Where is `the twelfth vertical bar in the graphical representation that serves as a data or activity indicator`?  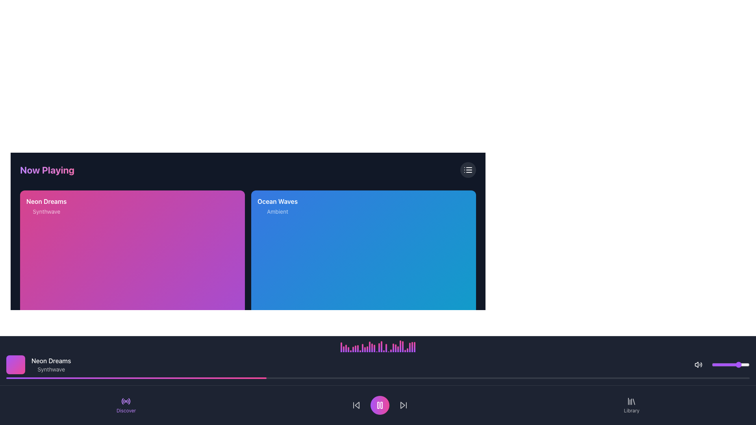
the twelfth vertical bar in the graphical representation that serves as a data or activity indicator is located at coordinates (367, 348).